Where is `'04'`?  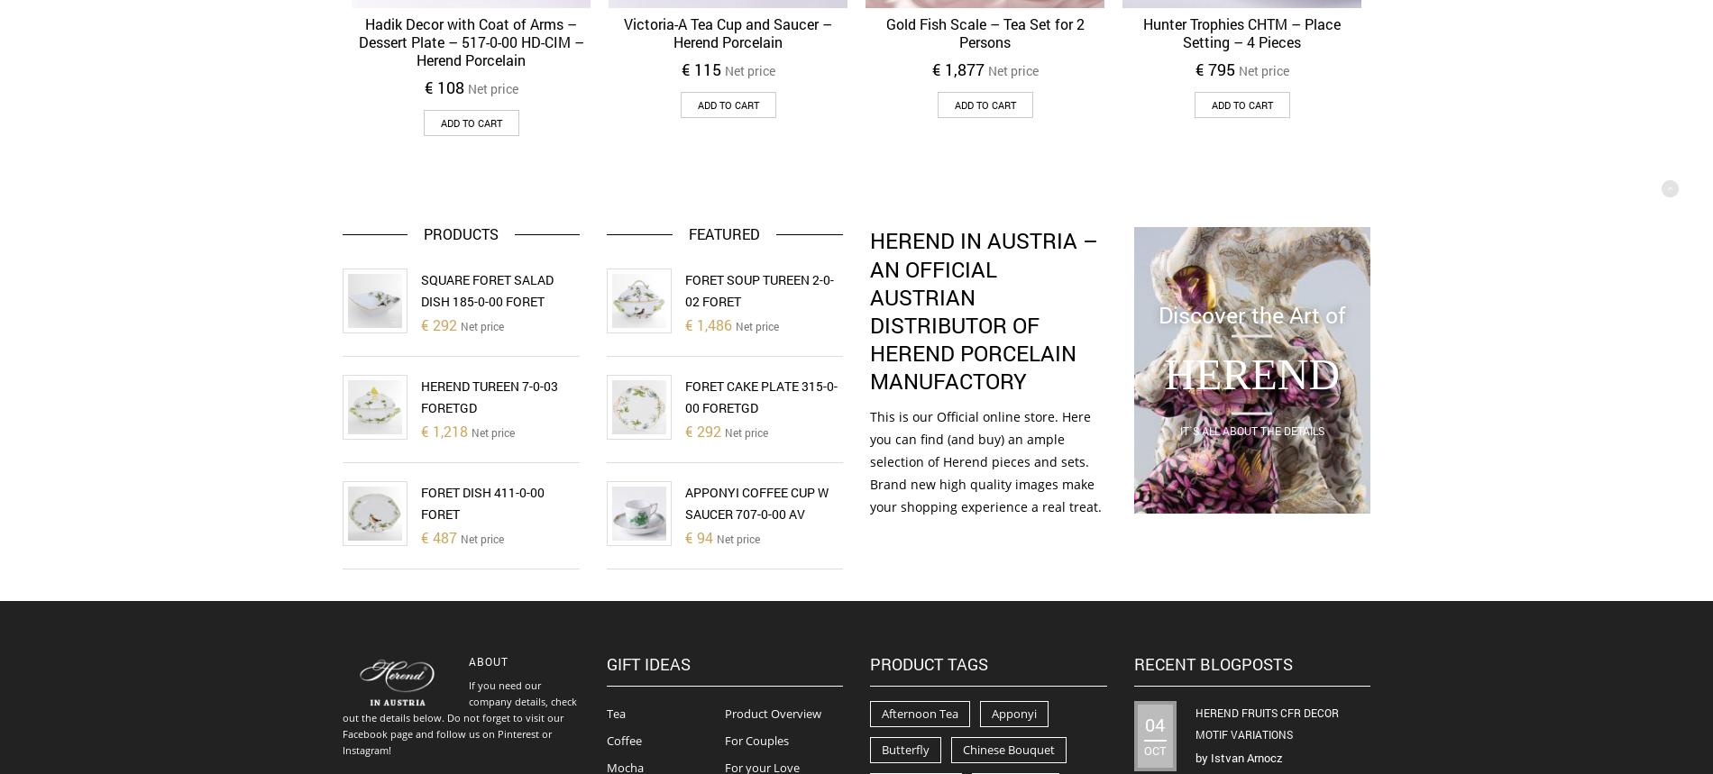 '04' is located at coordinates (1153, 724).